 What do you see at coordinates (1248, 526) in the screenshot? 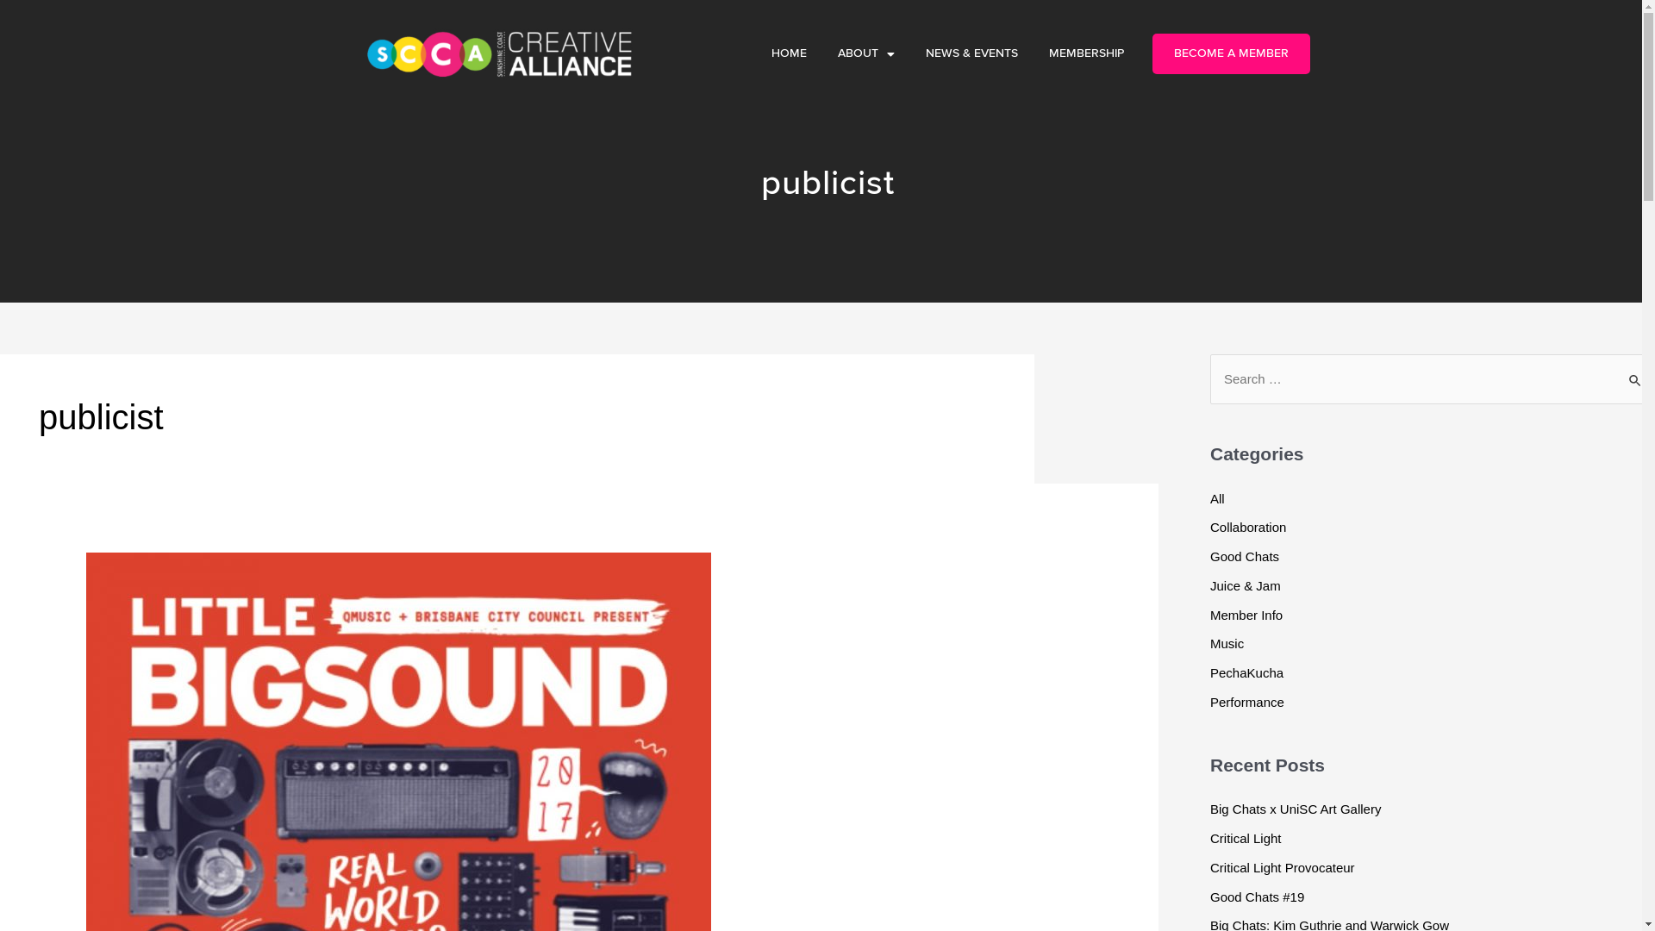
I see `'Collaboration'` at bounding box center [1248, 526].